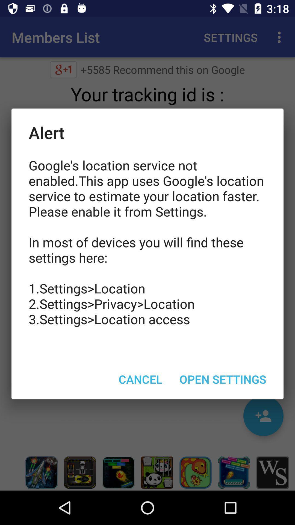 The height and width of the screenshot is (525, 295). What do you see at coordinates (223, 379) in the screenshot?
I see `icon to the right of the cancel item` at bounding box center [223, 379].